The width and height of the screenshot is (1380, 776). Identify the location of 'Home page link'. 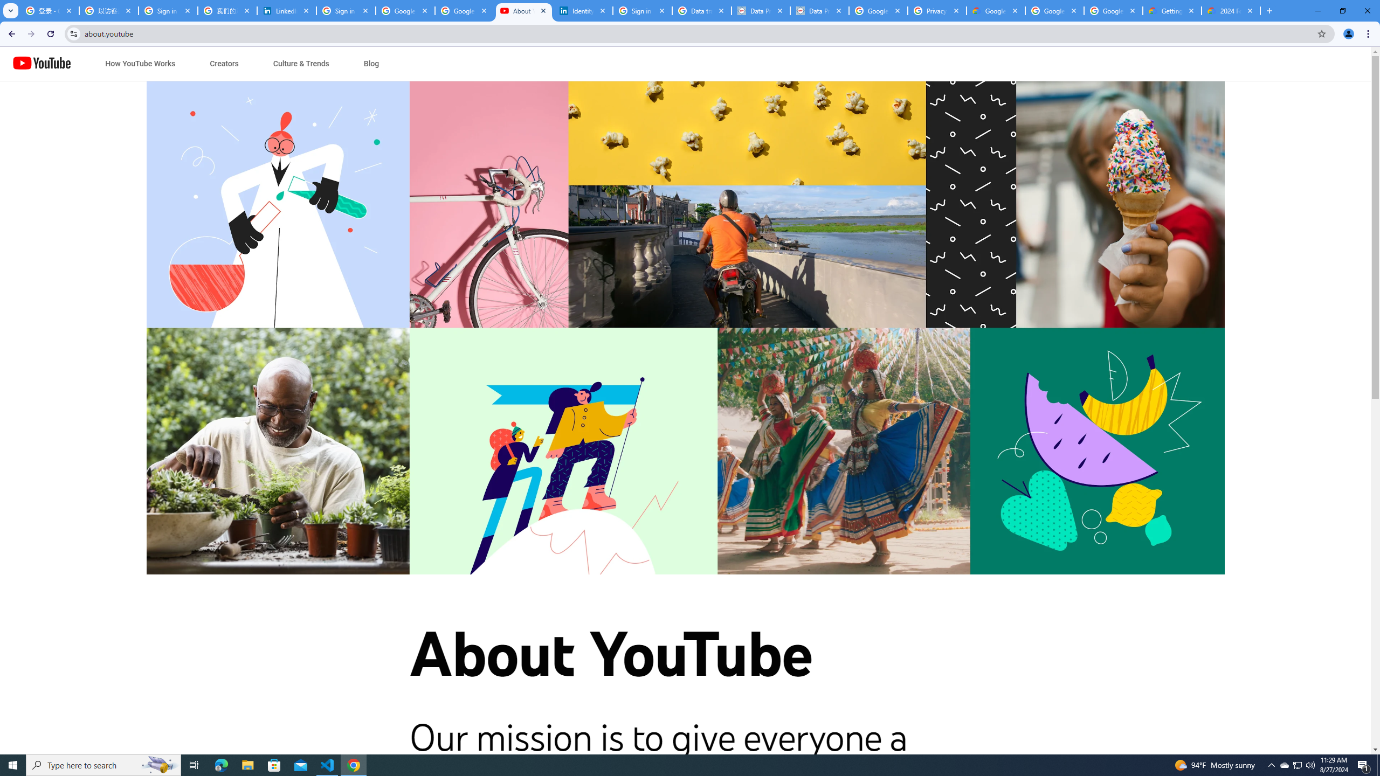
(42, 64).